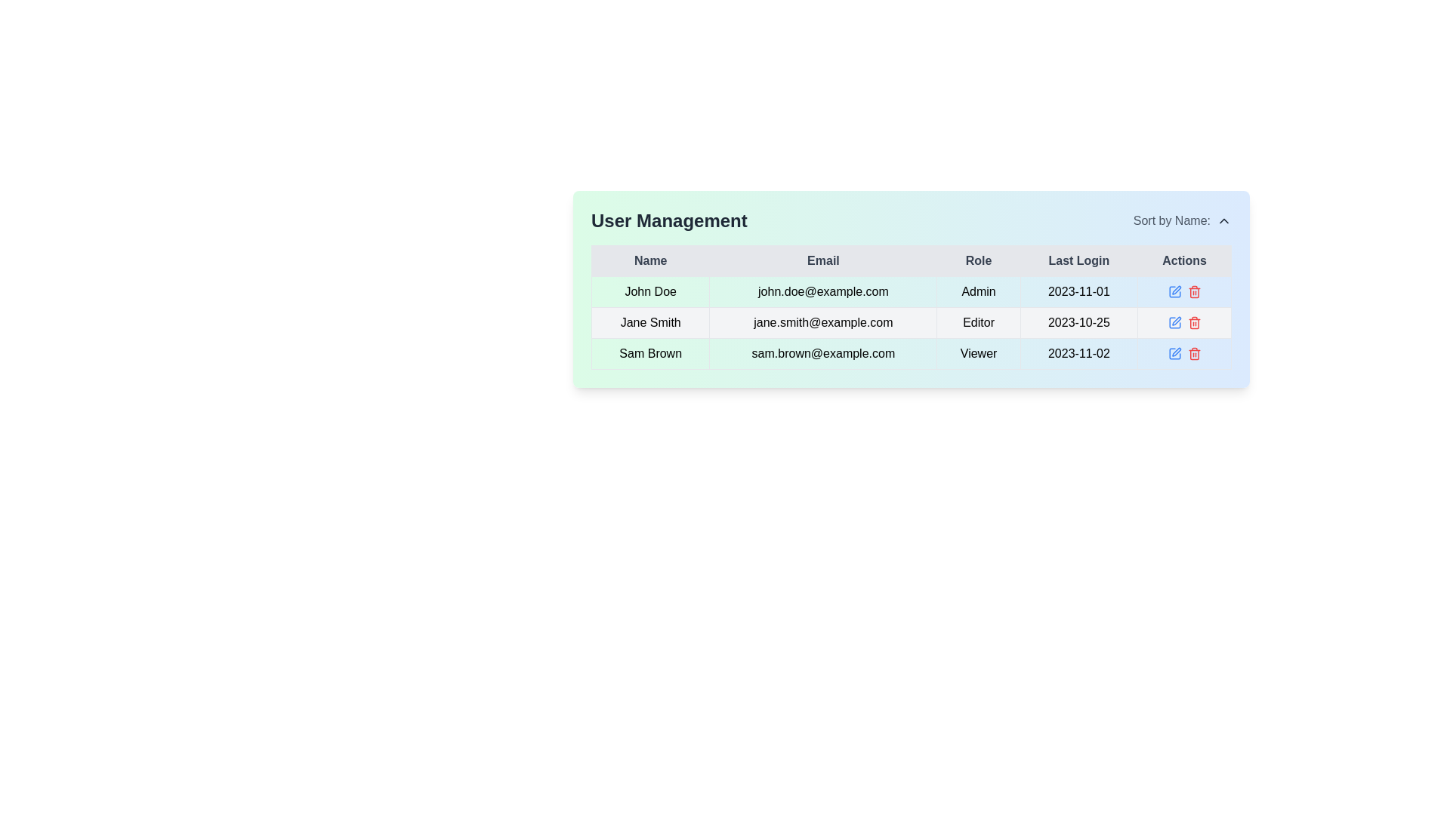 The width and height of the screenshot is (1450, 815). Describe the element at coordinates (1175, 320) in the screenshot. I see `the pen icon outline in the 'Actions' column of the user management table to initiate an edit of the associated row for 'Jane Smith'` at that location.